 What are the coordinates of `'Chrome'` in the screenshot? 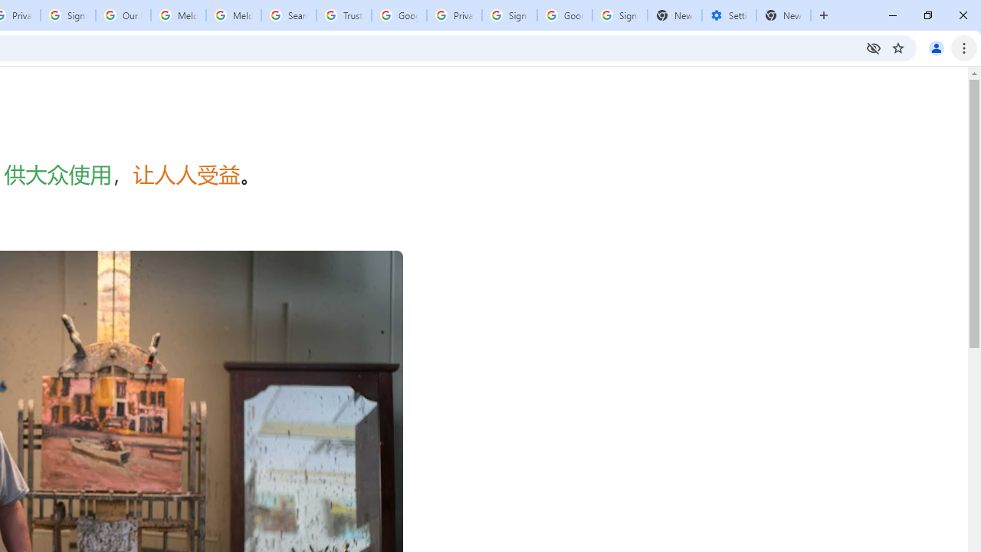 It's located at (965, 47).